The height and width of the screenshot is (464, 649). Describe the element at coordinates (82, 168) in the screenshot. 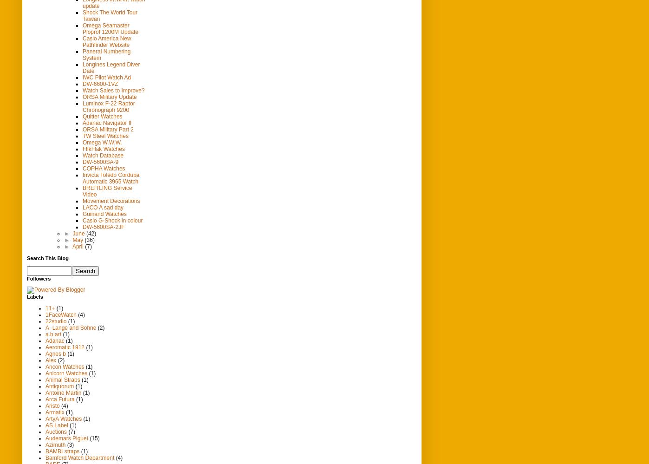

I see `'COPHA Watches'` at that location.